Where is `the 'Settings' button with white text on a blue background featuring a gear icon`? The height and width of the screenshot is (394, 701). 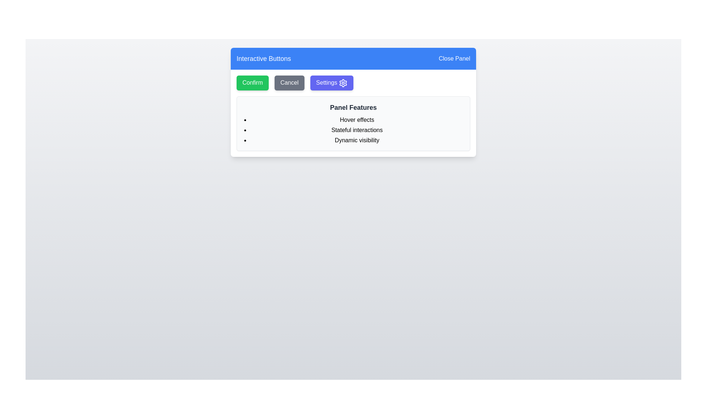 the 'Settings' button with white text on a blue background featuring a gear icon is located at coordinates (331, 82).